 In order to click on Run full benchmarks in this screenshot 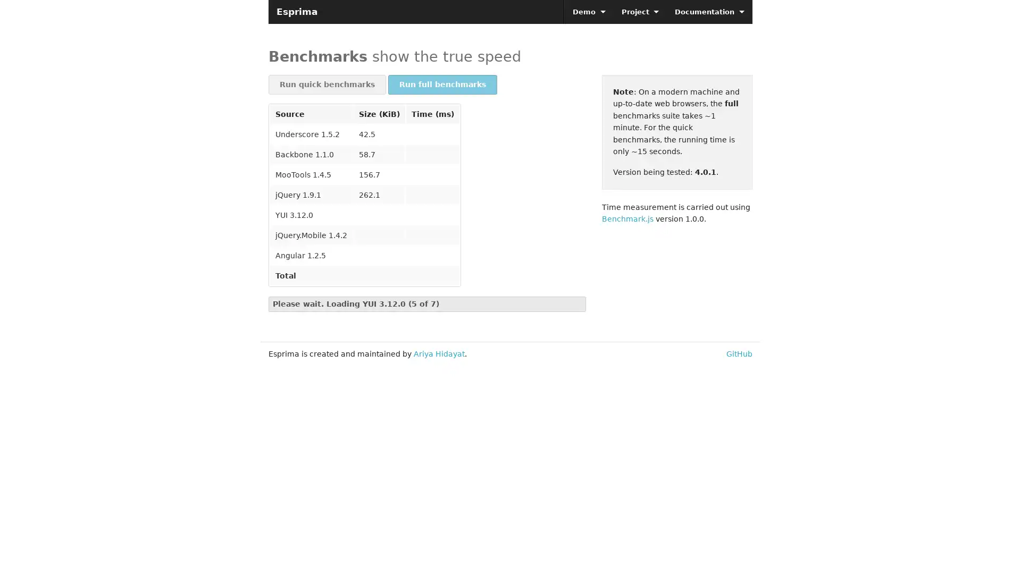, I will do `click(442, 84)`.